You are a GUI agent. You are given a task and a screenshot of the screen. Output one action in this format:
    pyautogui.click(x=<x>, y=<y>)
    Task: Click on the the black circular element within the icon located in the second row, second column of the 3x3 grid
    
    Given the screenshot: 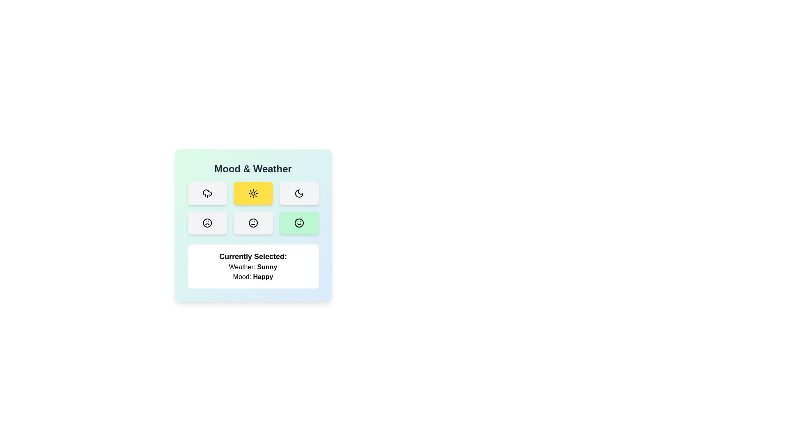 What is the action you would take?
    pyautogui.click(x=252, y=223)
    